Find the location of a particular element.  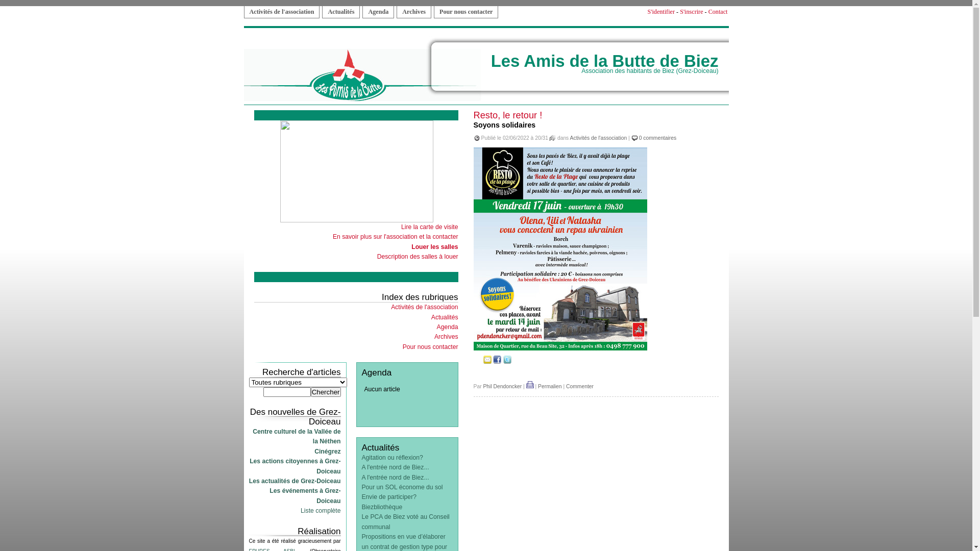

'Permalien' is located at coordinates (549, 386).